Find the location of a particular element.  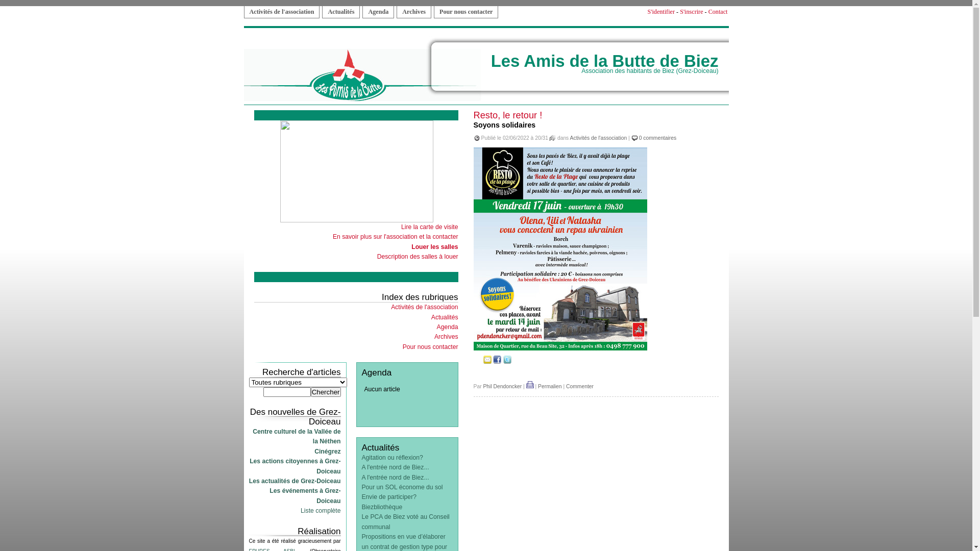

'Permalien' is located at coordinates (549, 386).